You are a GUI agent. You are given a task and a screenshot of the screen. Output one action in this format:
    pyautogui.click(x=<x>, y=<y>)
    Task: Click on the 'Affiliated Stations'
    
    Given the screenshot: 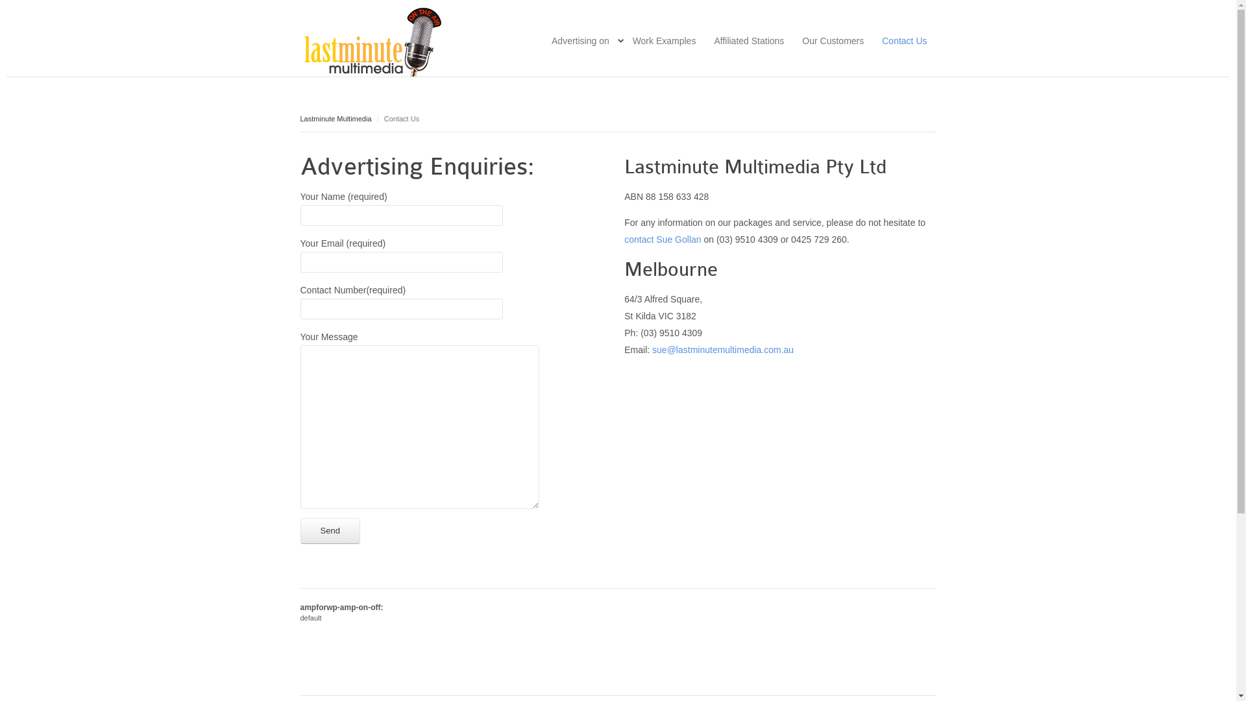 What is the action you would take?
    pyautogui.click(x=748, y=40)
    